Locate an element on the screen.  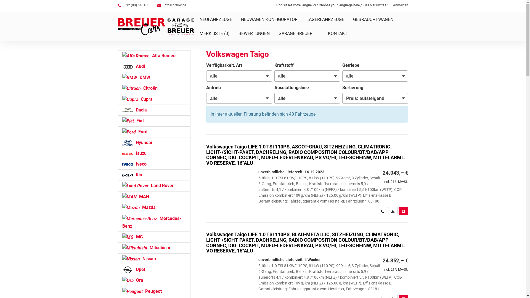
'Mercedes-Benz' is located at coordinates (154, 222).